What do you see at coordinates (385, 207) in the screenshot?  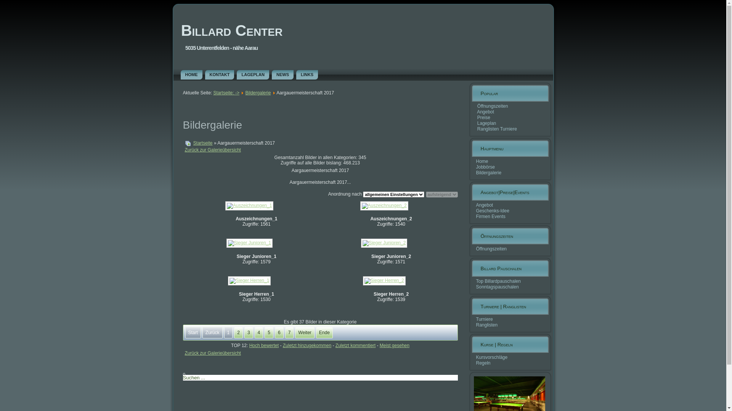 I see `'Auszeichnungen_2'` at bounding box center [385, 207].